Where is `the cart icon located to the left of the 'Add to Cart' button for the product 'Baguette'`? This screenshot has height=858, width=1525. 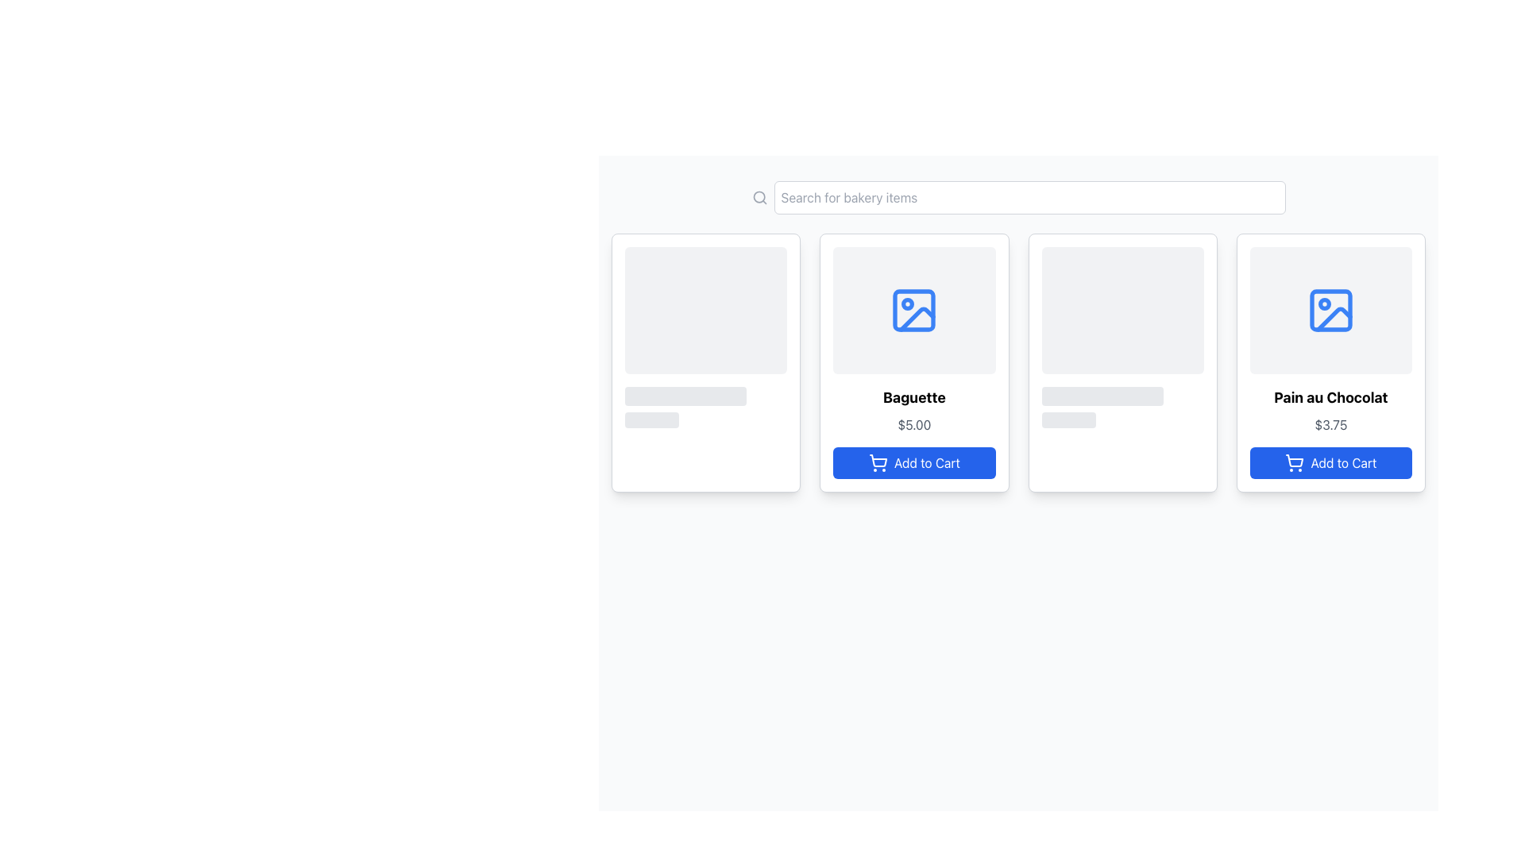
the cart icon located to the left of the 'Add to Cart' button for the product 'Baguette' is located at coordinates (877, 462).